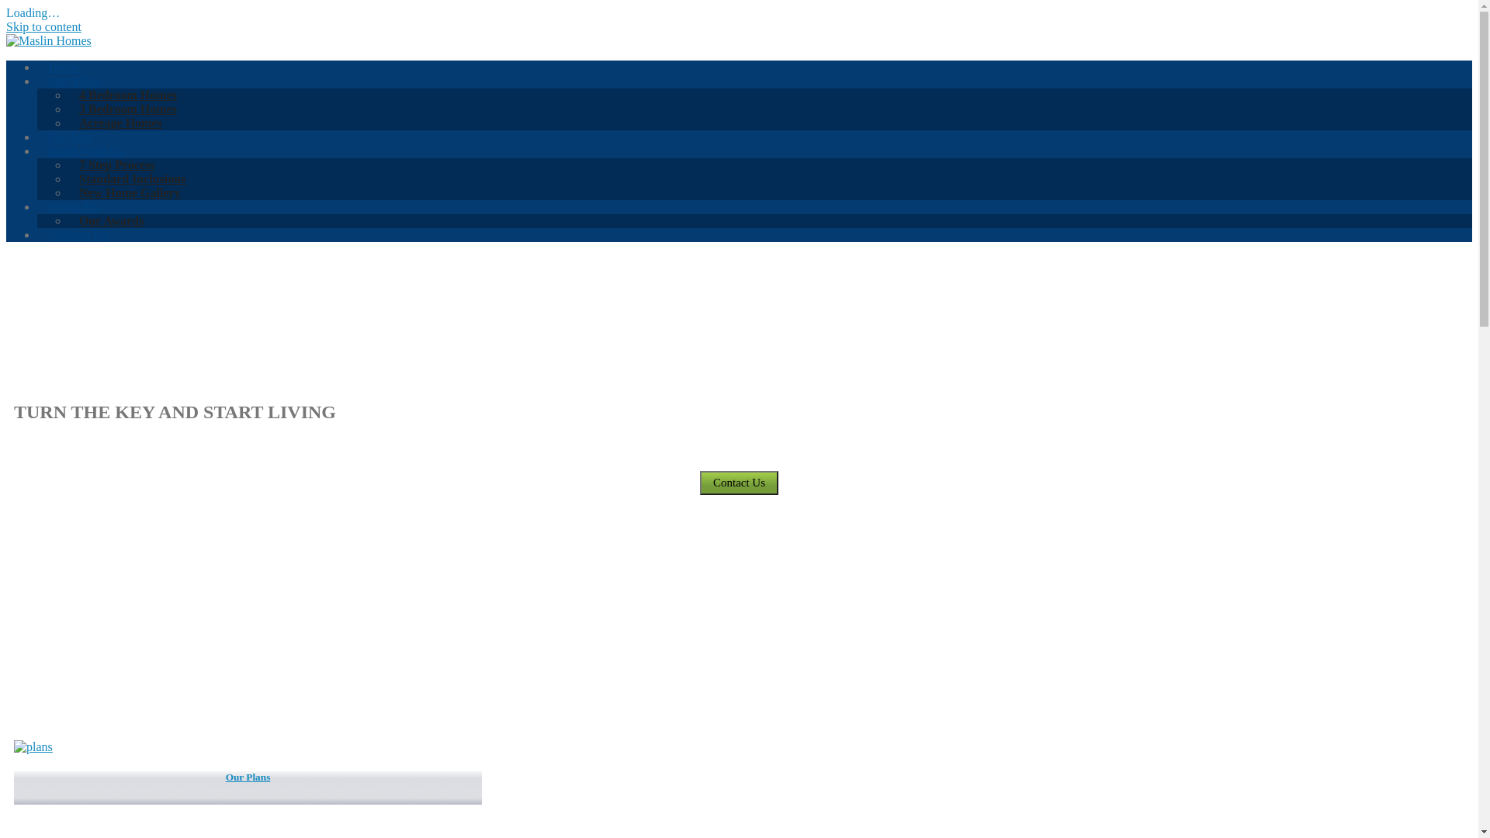  I want to click on 'Maslin Homes', so click(48, 40).